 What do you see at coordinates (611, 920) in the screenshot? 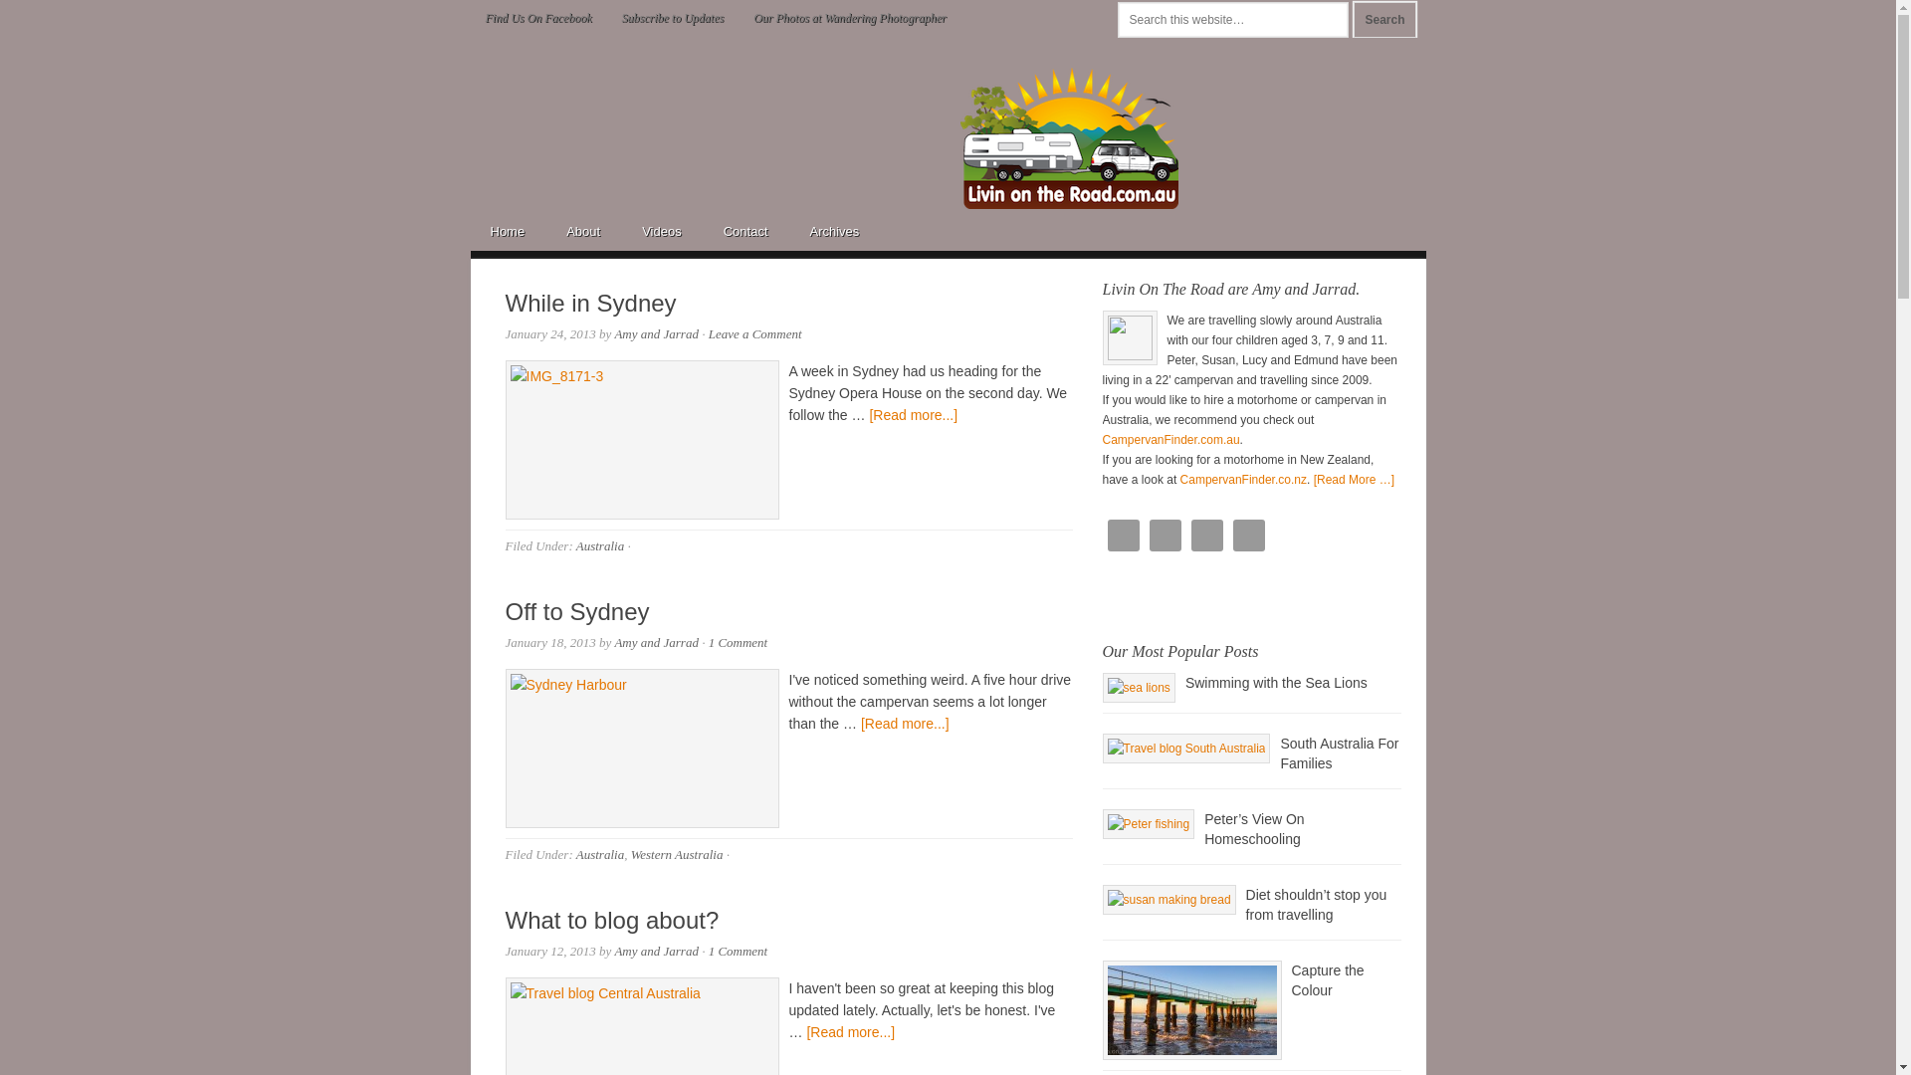
I see `'What to blog about?'` at bounding box center [611, 920].